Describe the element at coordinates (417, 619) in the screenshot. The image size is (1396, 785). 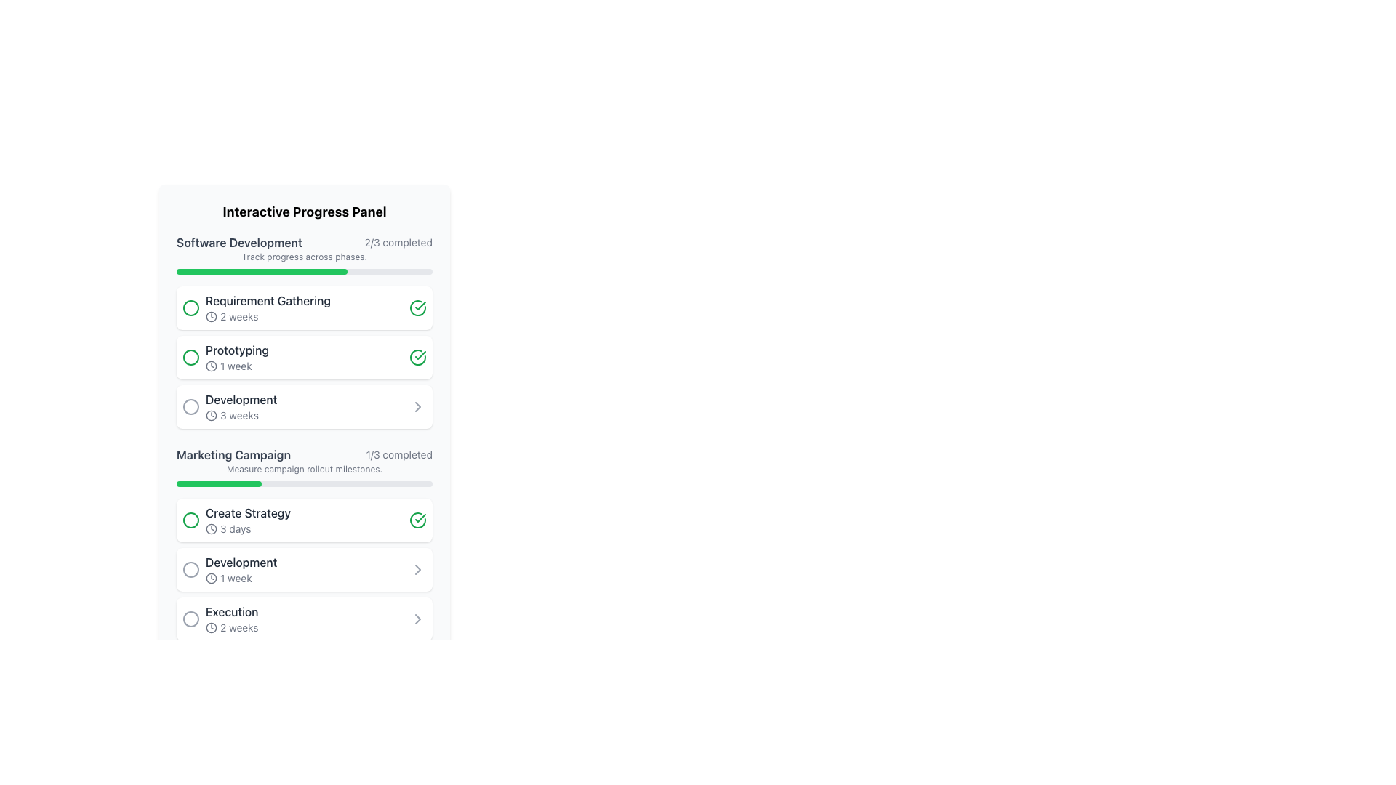
I see `the arrow icon or chevron at the far right side of the 'Execution 2 weeks' entry` at that location.